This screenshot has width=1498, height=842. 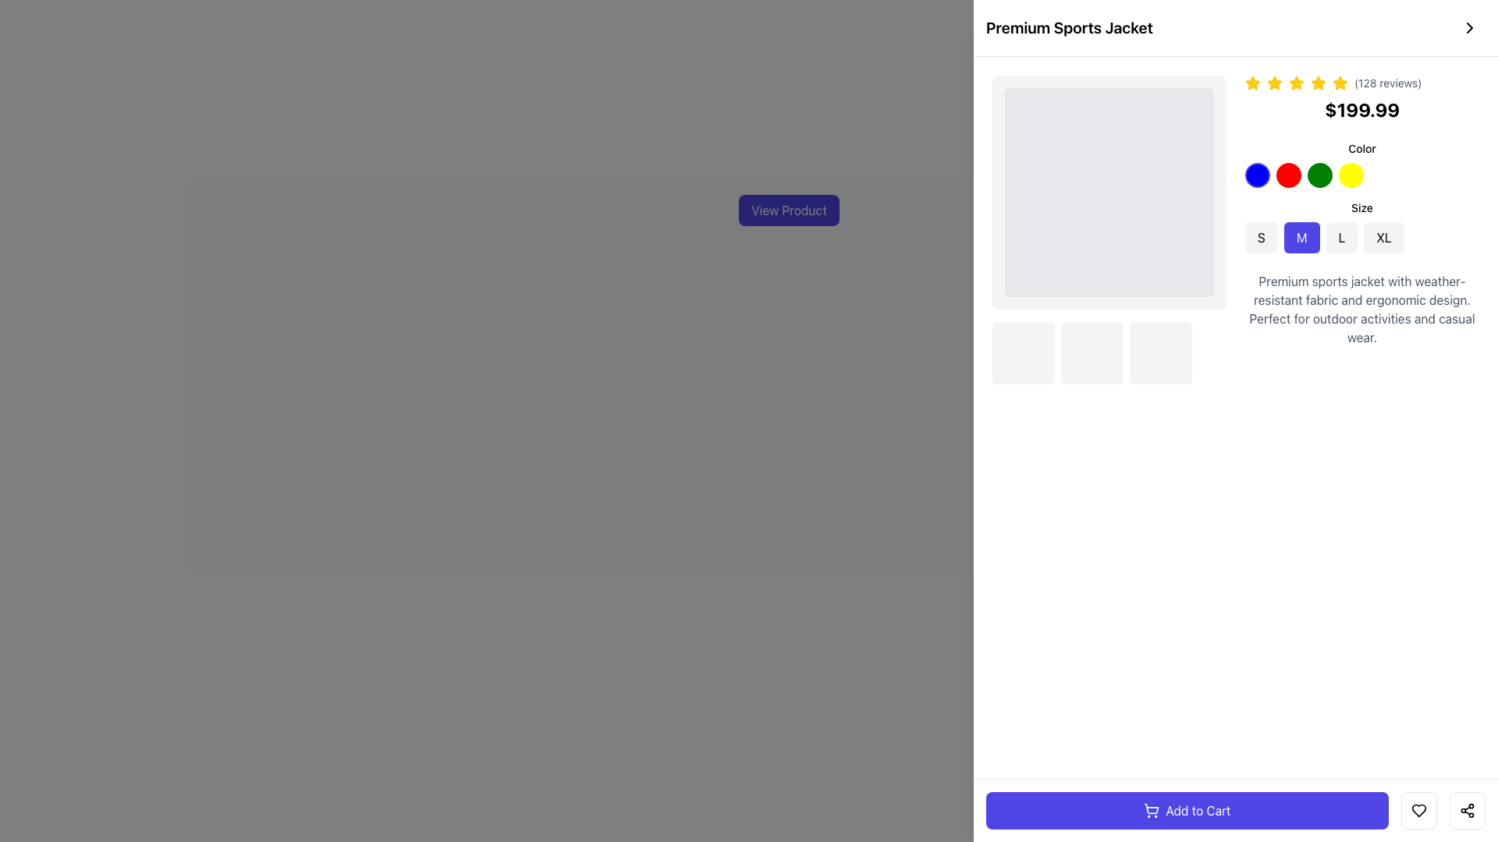 What do you see at coordinates (1258, 175) in the screenshot?
I see `the first circular button in the color selection row` at bounding box center [1258, 175].